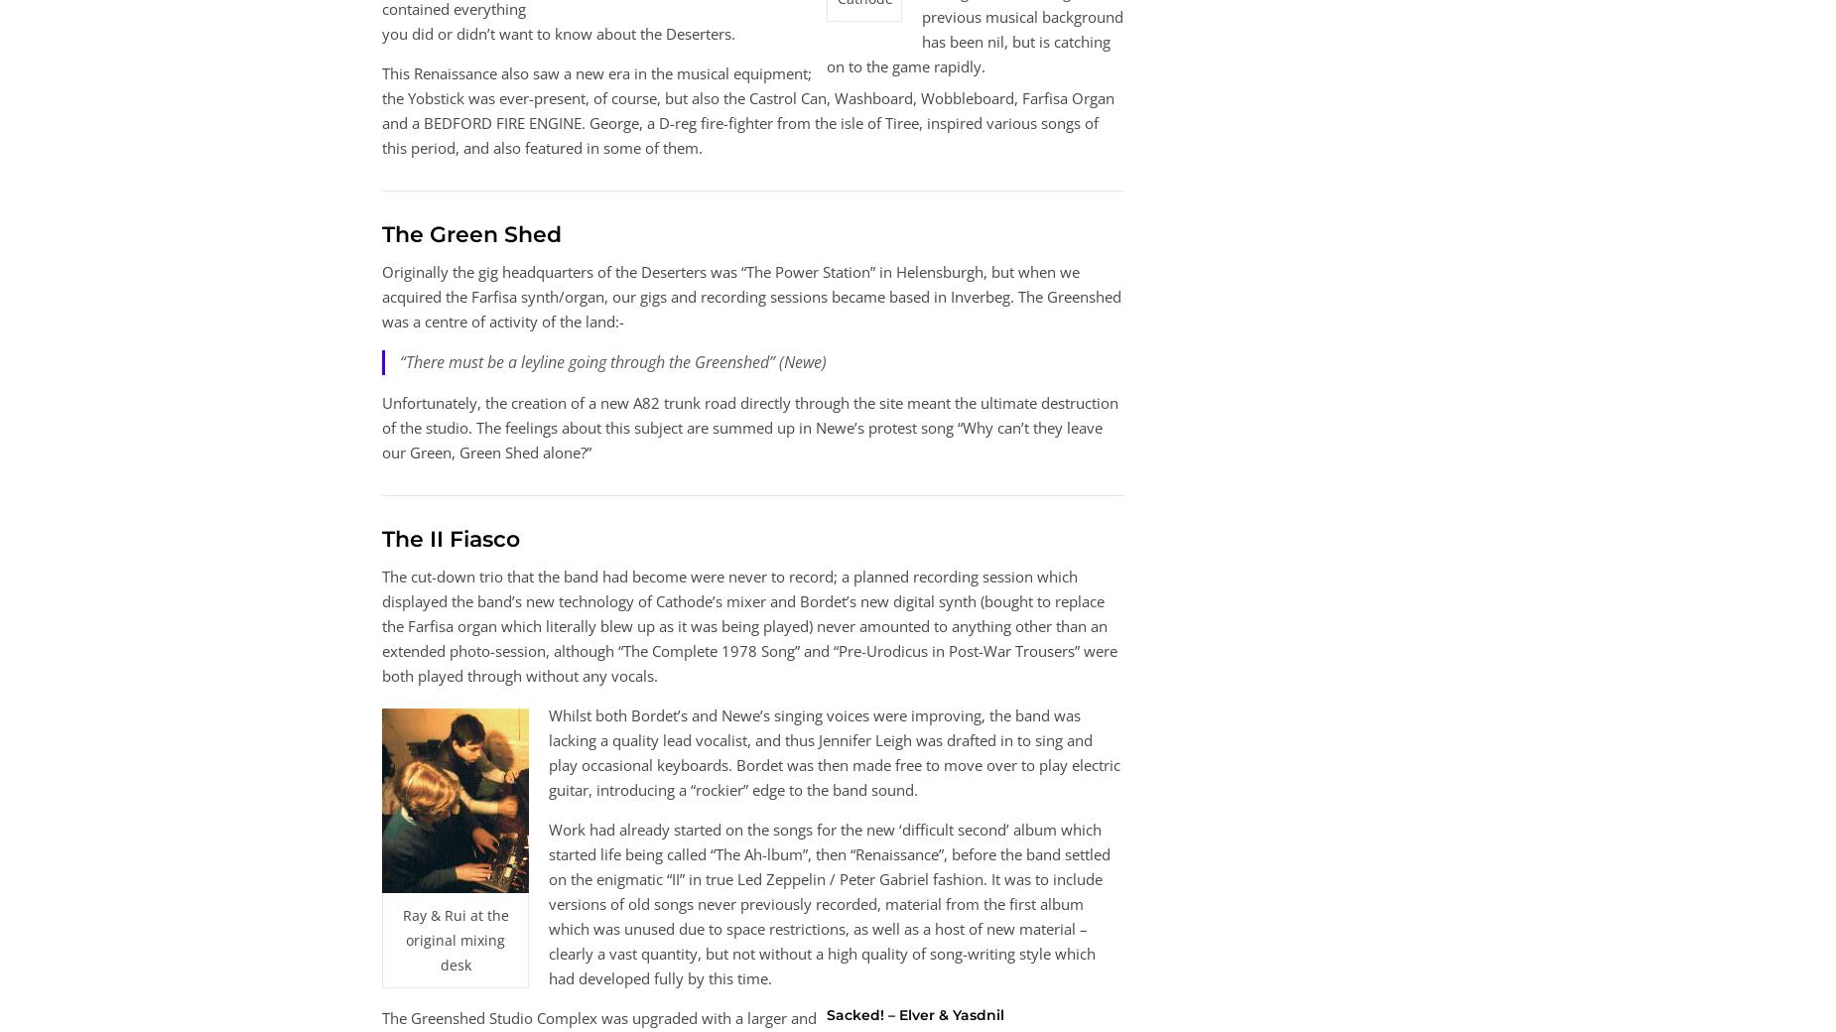  What do you see at coordinates (749, 624) in the screenshot?
I see `'The cut-down trio that the band had become were never to record; a planned recording session which displayed the band’s new technology of Cathode’s mixer and Bordet’s new digital synth (bought to replace the Farfisa organ which literally blew up as it was being played) never amounted to anything other than an extended photo-session, although “The Complete 1978 Song” and “Pre-Urodicus in Post-War Trousers” were both played through without any vocals.'` at bounding box center [749, 624].